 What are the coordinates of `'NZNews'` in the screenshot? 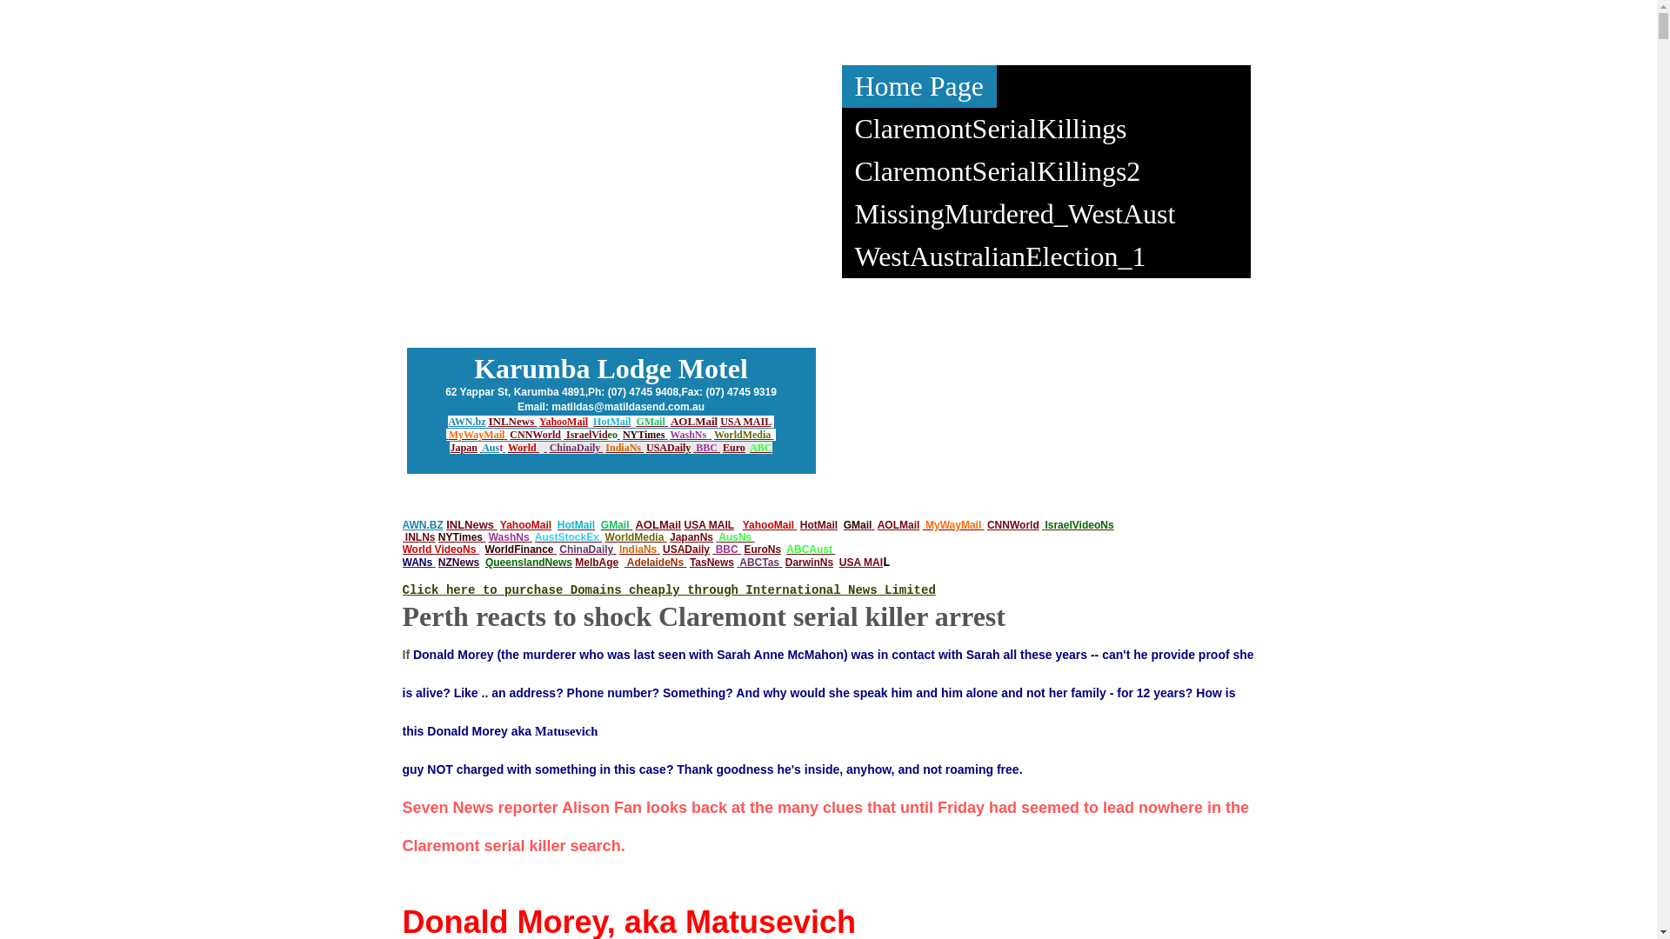 It's located at (458, 563).